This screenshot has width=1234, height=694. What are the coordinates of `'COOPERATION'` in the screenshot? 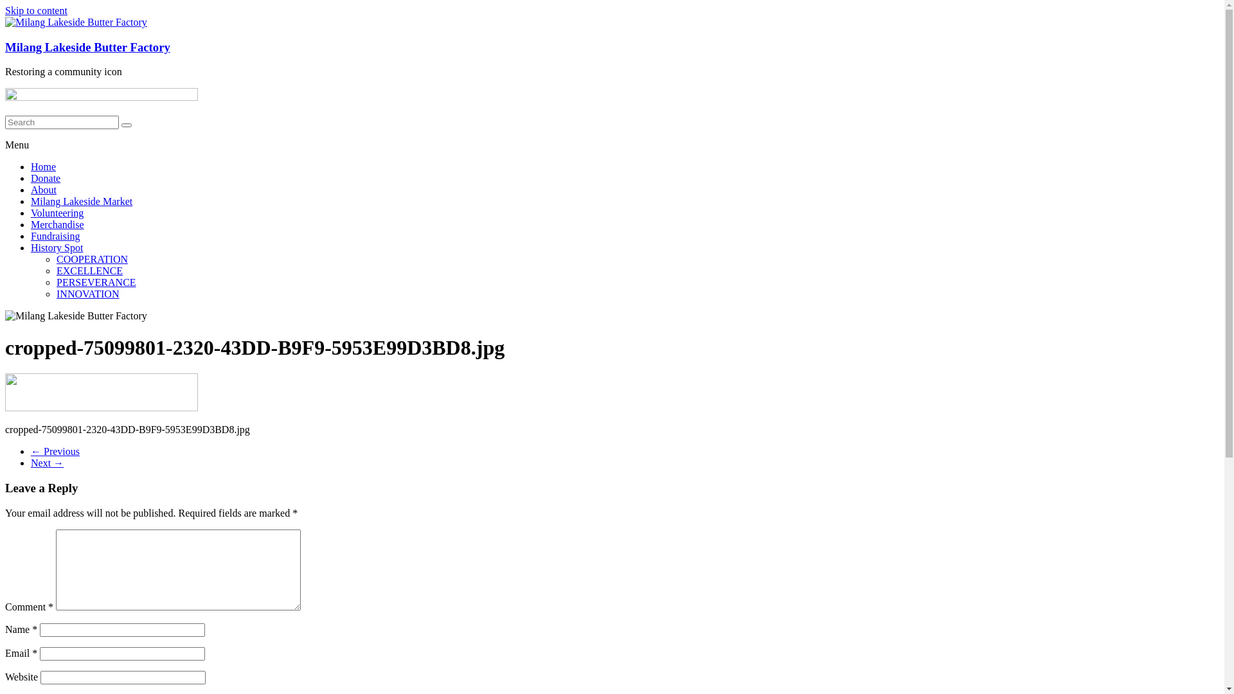 It's located at (55, 259).